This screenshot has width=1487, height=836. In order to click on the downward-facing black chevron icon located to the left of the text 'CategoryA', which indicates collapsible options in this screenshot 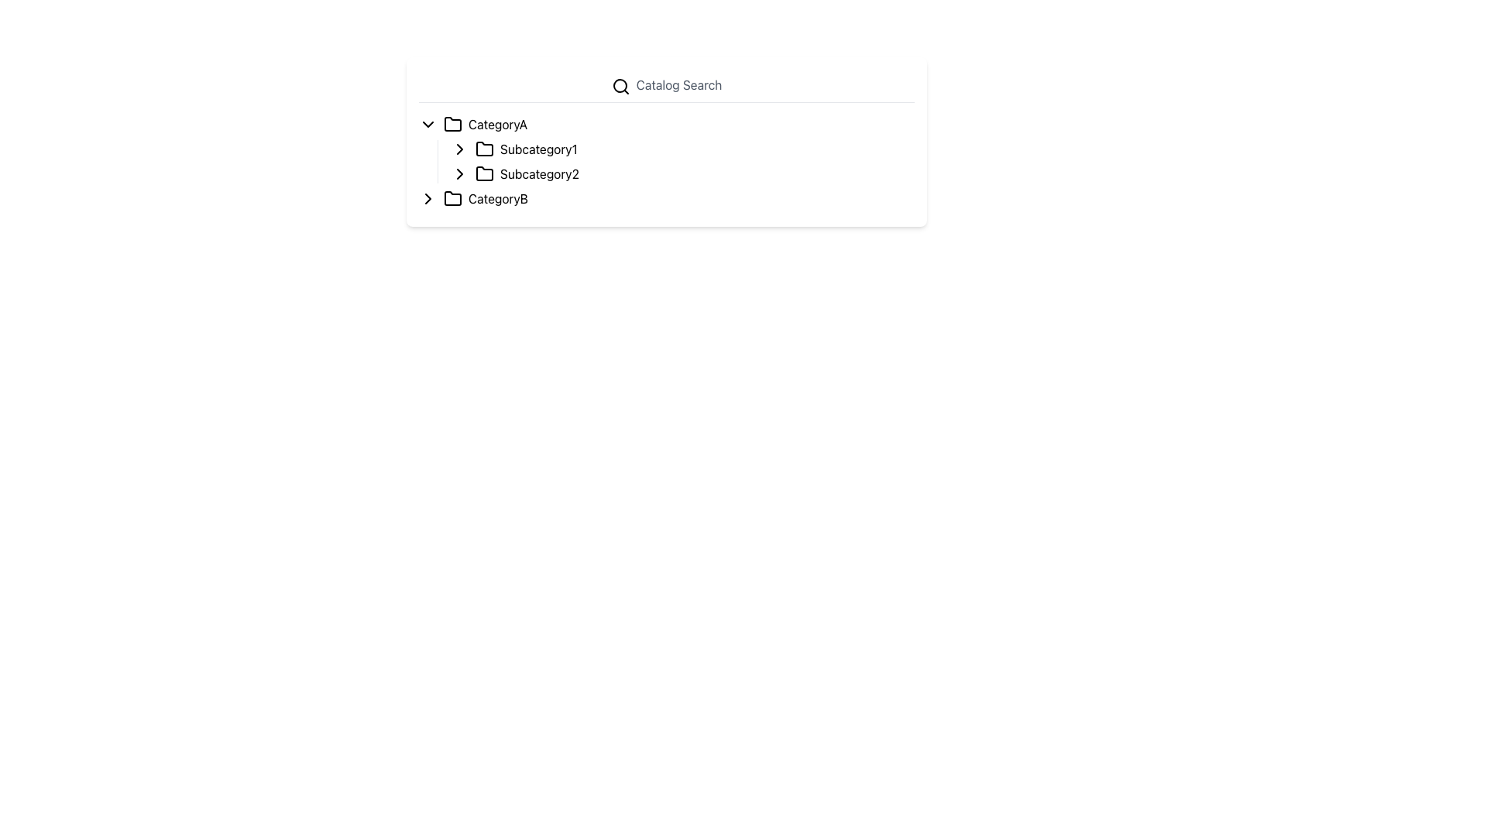, I will do `click(428, 122)`.